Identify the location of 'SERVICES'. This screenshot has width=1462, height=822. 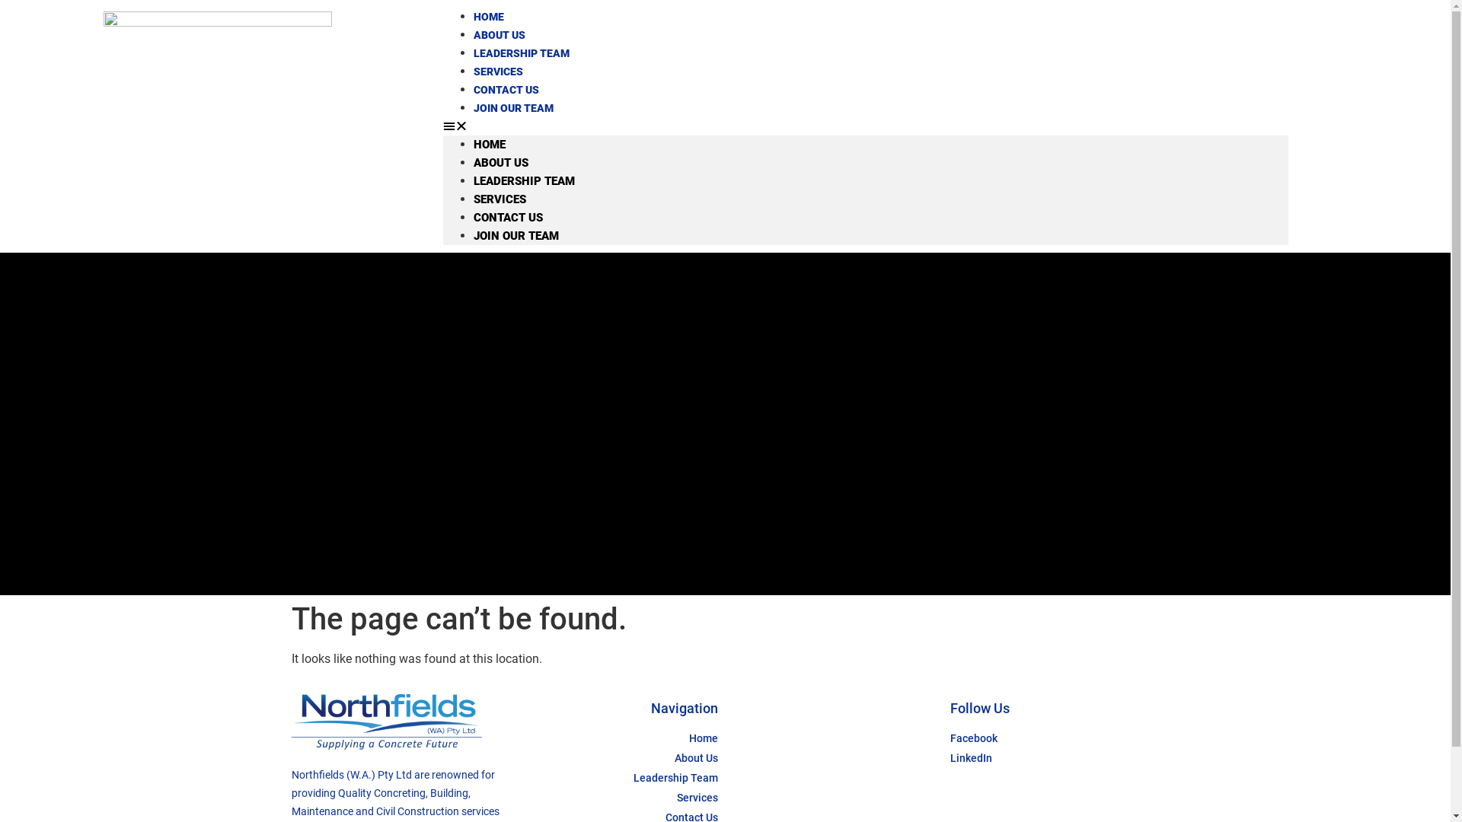
(498, 71).